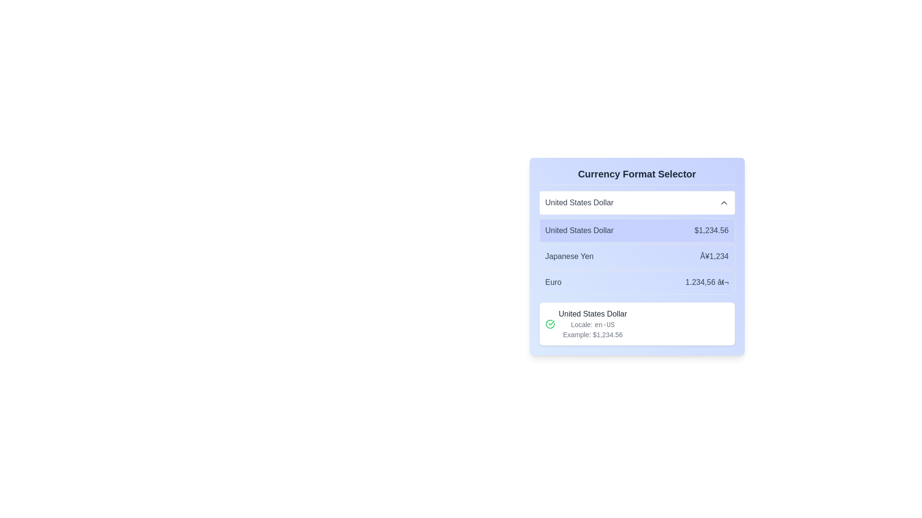 The height and width of the screenshot is (518, 922). I want to click on the currency name displayed as 'United States Dollar' in a bold font, located in the upper portion of the list under the header 'Currency Format Selector.', so click(579, 231).